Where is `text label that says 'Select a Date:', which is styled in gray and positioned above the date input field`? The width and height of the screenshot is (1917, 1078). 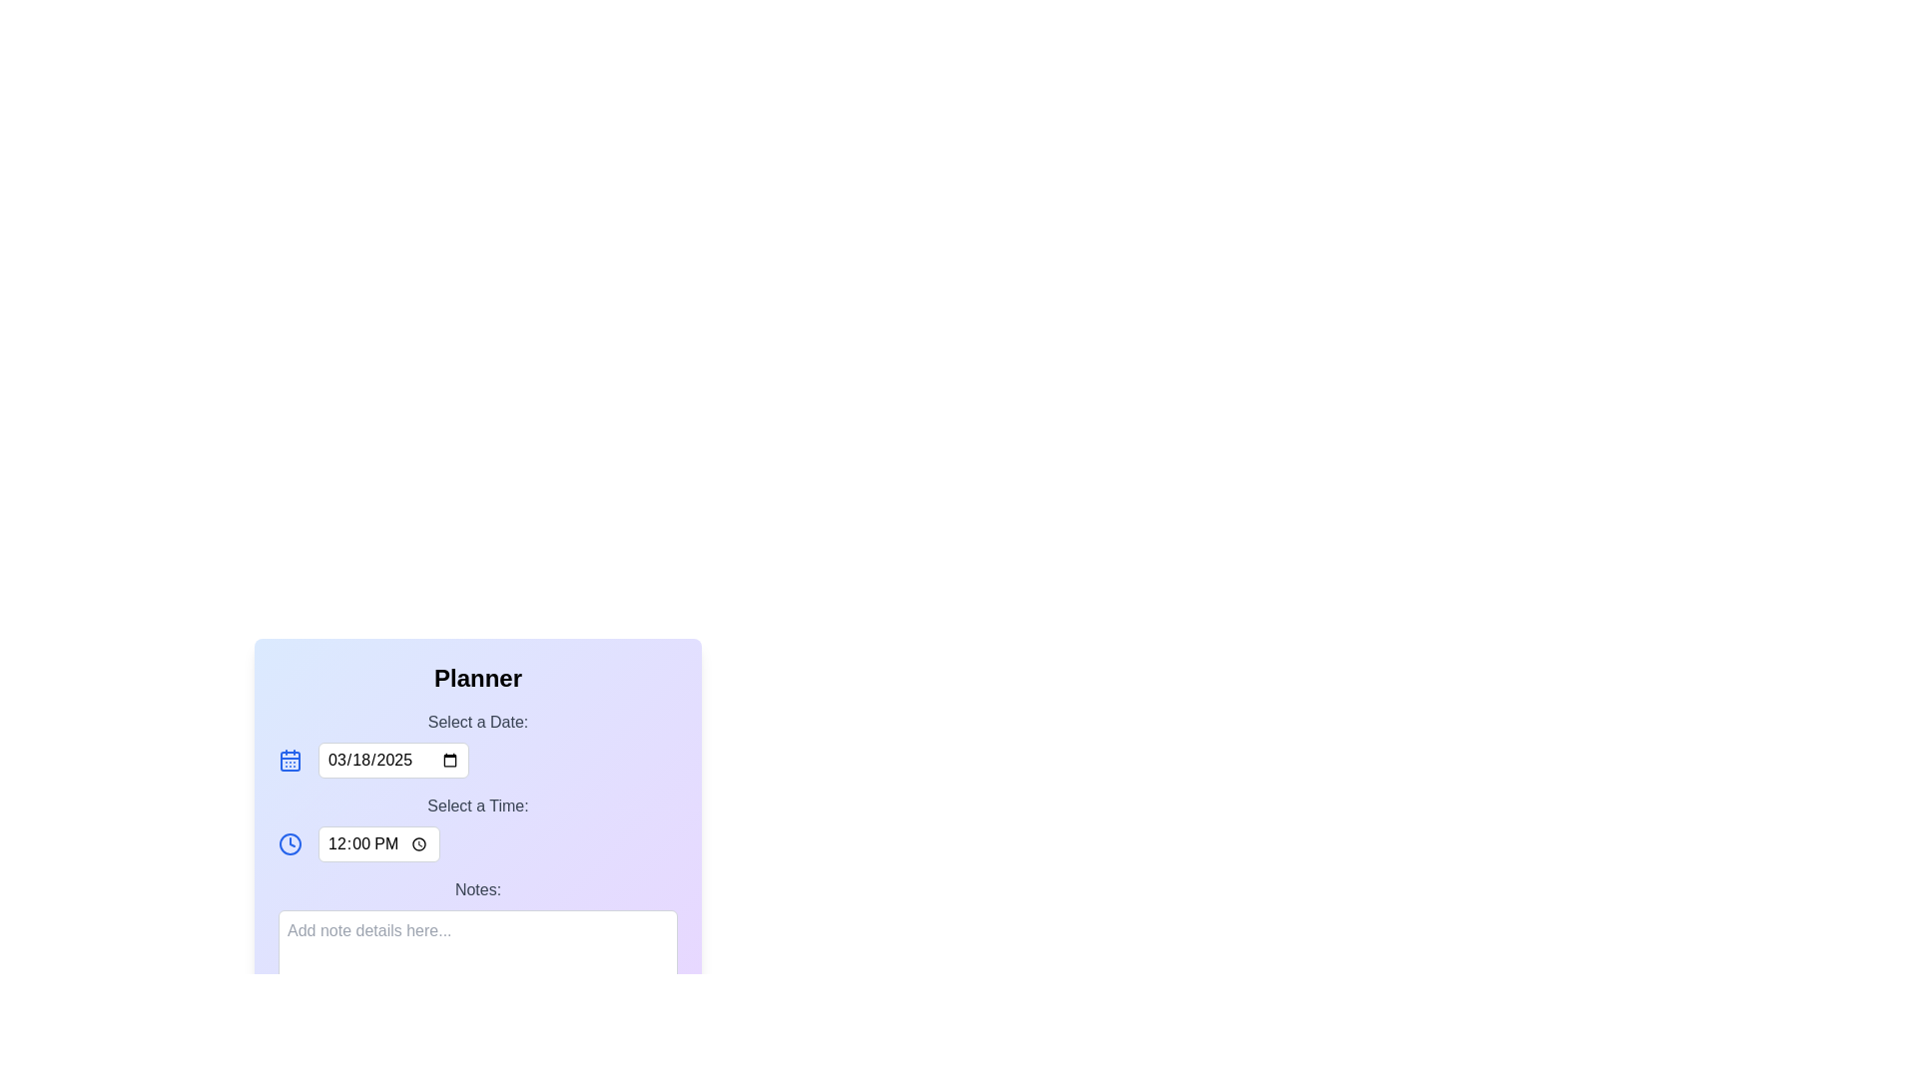
text label that says 'Select a Date:', which is styled in gray and positioned above the date input field is located at coordinates (477, 723).